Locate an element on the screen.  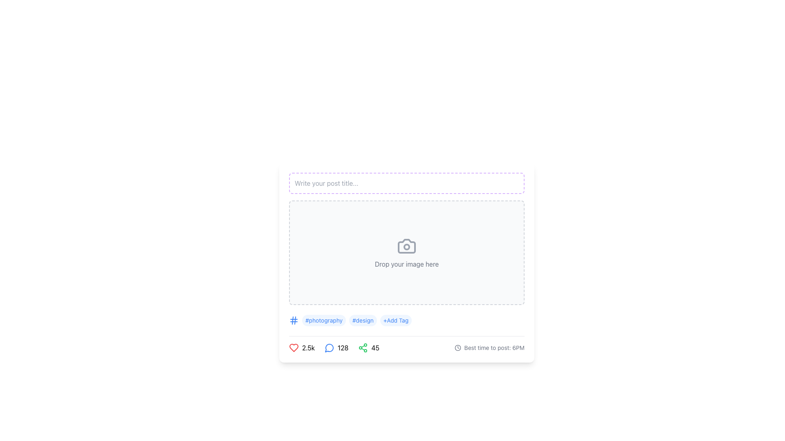
the label styled as a capsule with the text '#design', which is the second tag in a horizontal series of tags, located between '#photography' and '+Add Tag' is located at coordinates (363, 320).